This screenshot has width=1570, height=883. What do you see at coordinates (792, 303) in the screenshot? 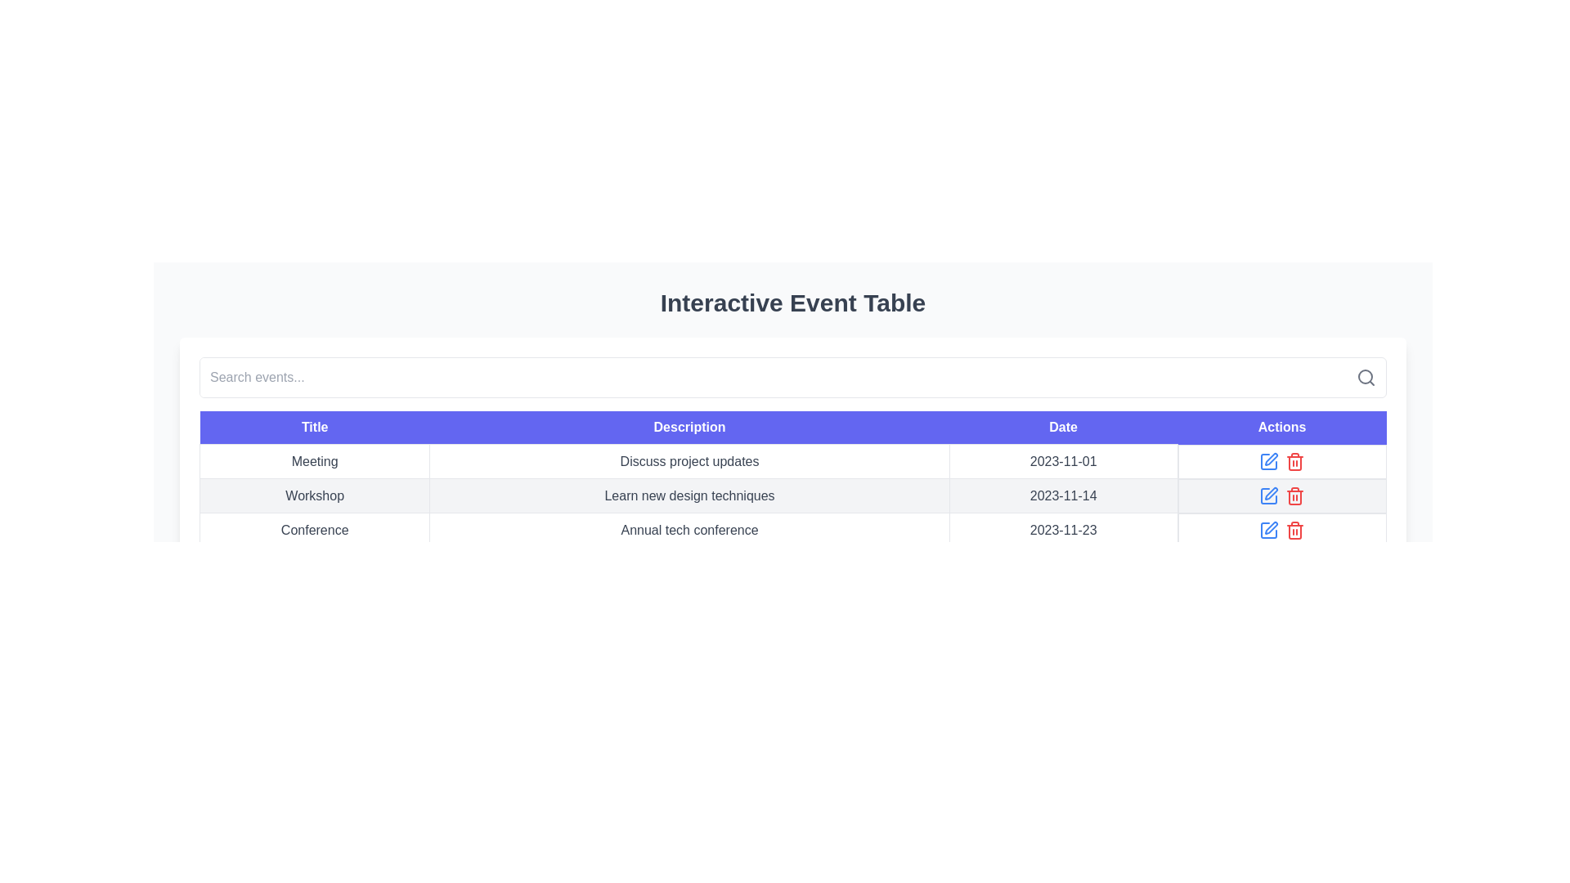
I see `the header element with the text 'Interactive Event Table', which is styled in bold, extra-large font and is center-aligned at the top of the layout` at bounding box center [792, 303].